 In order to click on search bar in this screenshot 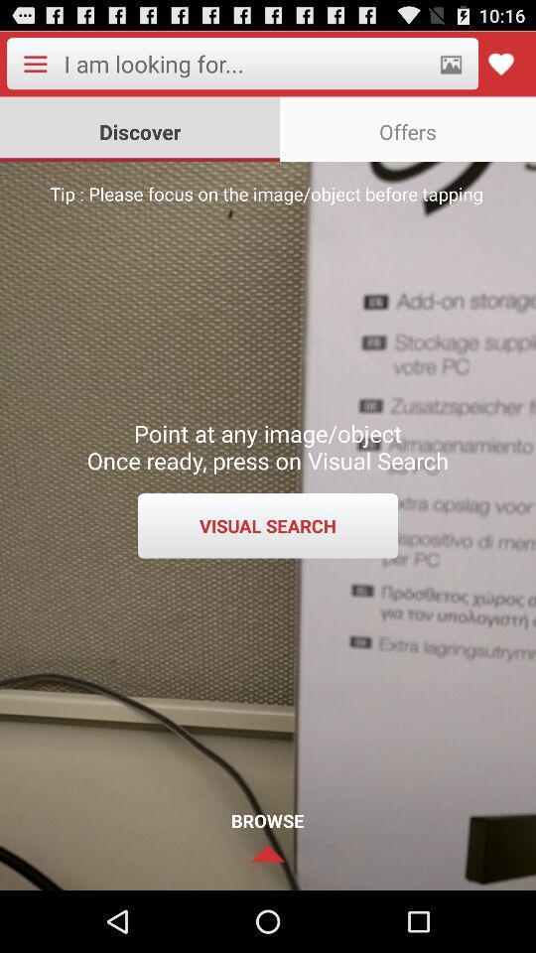, I will do `click(245, 64)`.